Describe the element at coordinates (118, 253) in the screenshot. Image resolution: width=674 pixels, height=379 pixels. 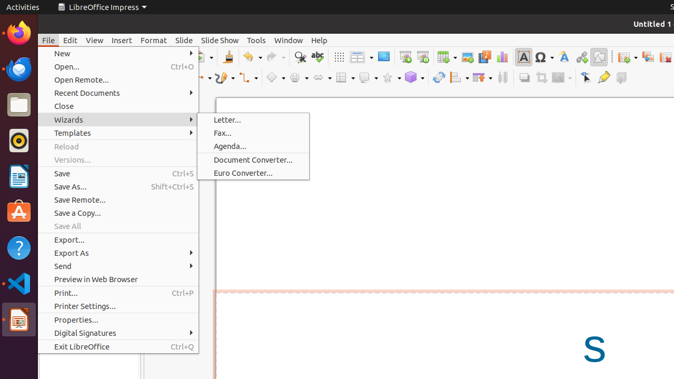
I see `'Export As'` at that location.